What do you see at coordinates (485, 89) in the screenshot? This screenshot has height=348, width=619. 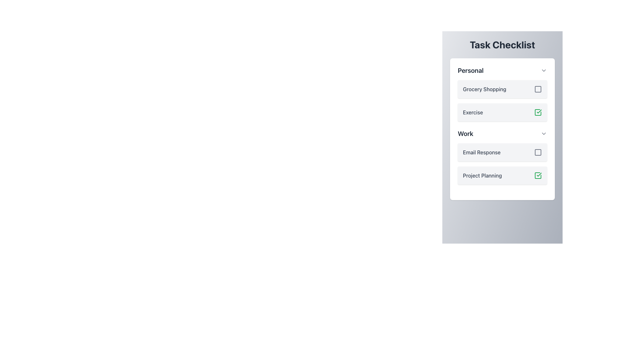 I see `text label for 'Grocery Shopping' located below the heading 'Personal' in the task checklist` at bounding box center [485, 89].